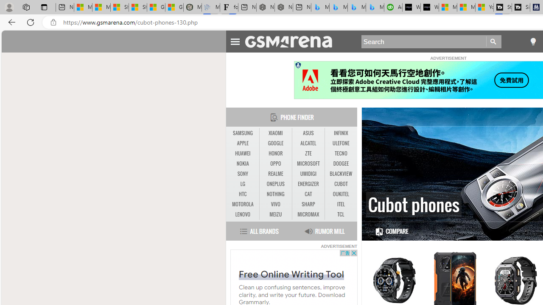 The height and width of the screenshot is (305, 543). What do you see at coordinates (341, 214) in the screenshot?
I see `'TCL'` at bounding box center [341, 214].